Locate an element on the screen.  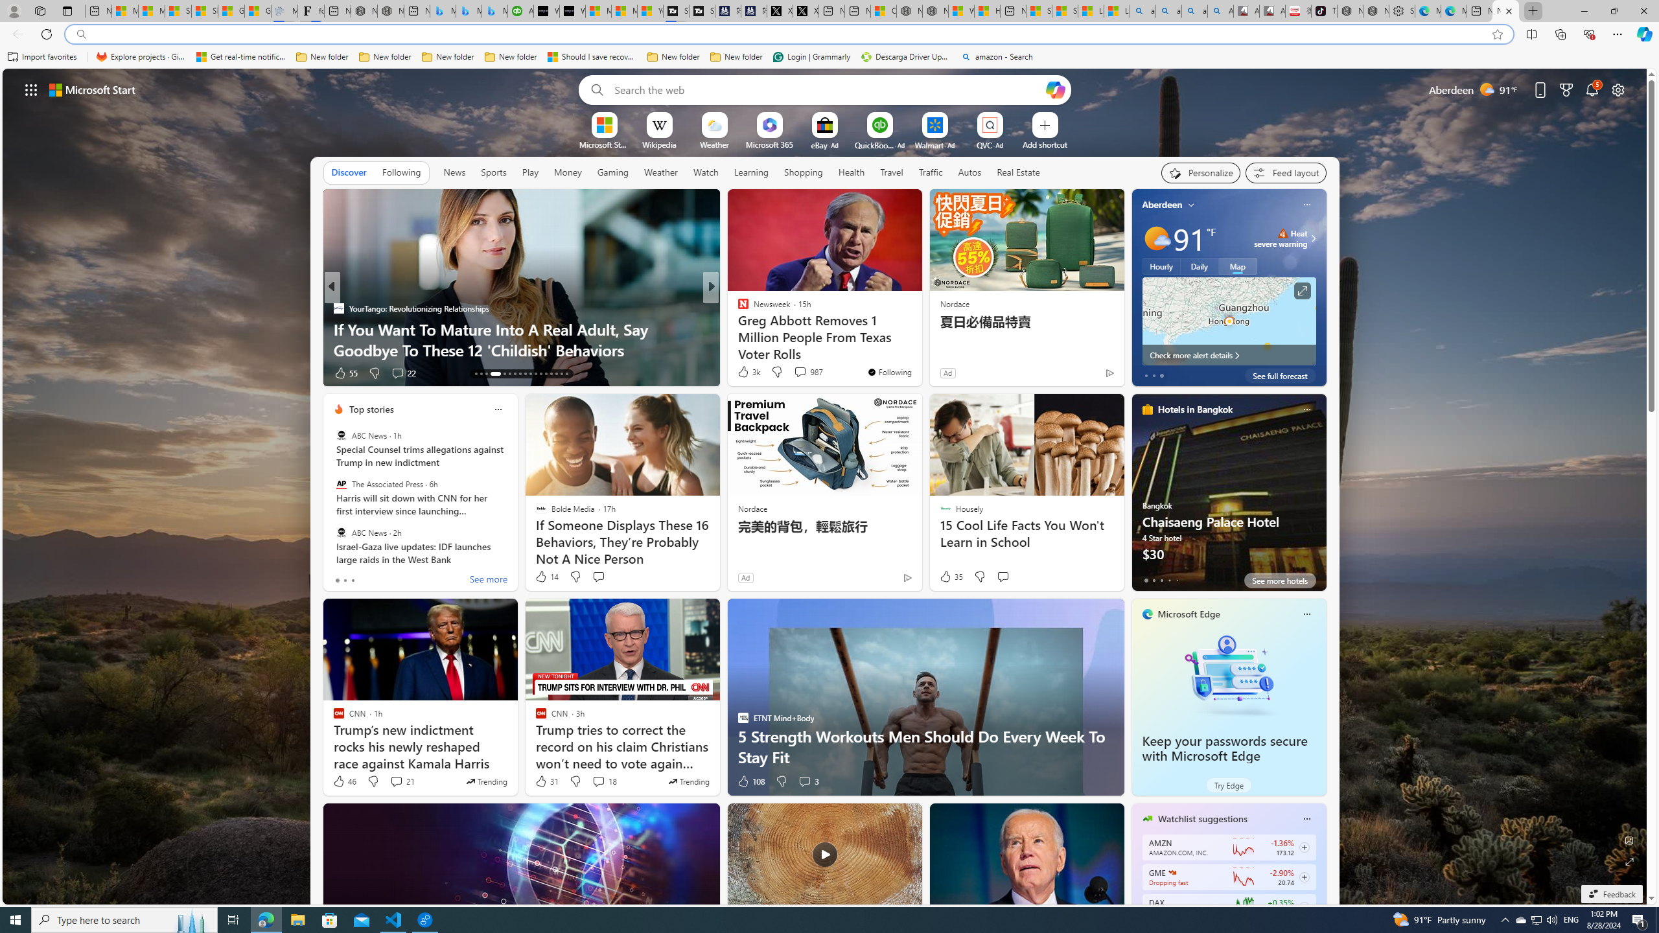
'AutomationID: tab-16' is located at coordinates (491, 374).